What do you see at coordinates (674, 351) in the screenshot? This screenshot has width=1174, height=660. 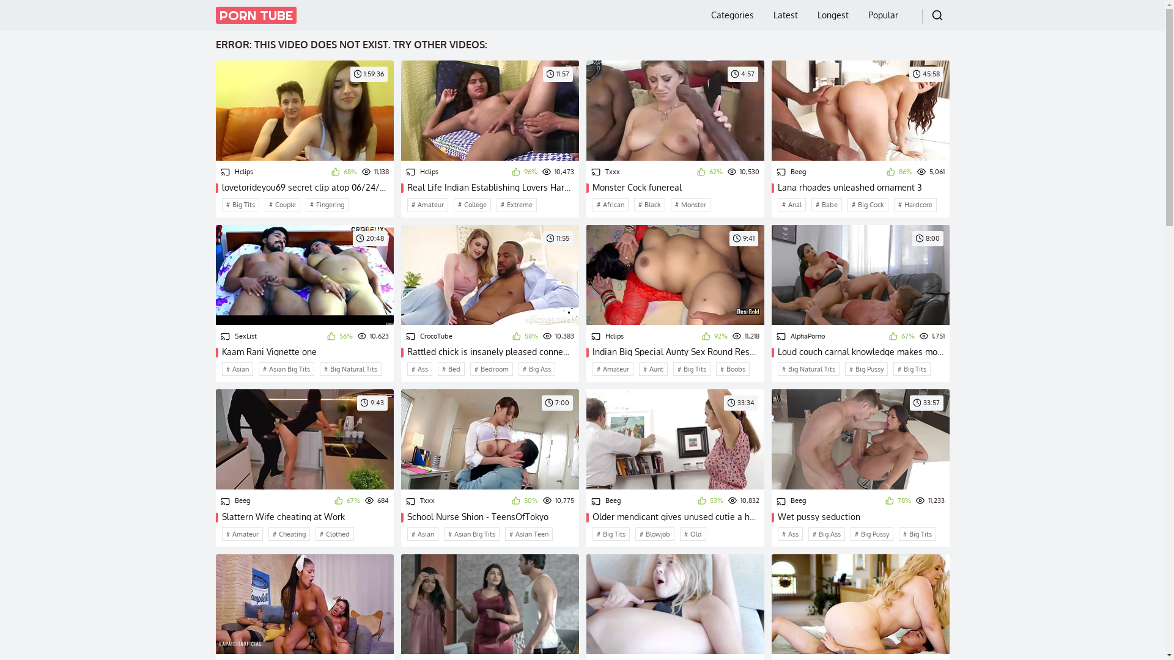 I see `'Indian Big Special Aunty Sex Round Resort'` at bounding box center [674, 351].